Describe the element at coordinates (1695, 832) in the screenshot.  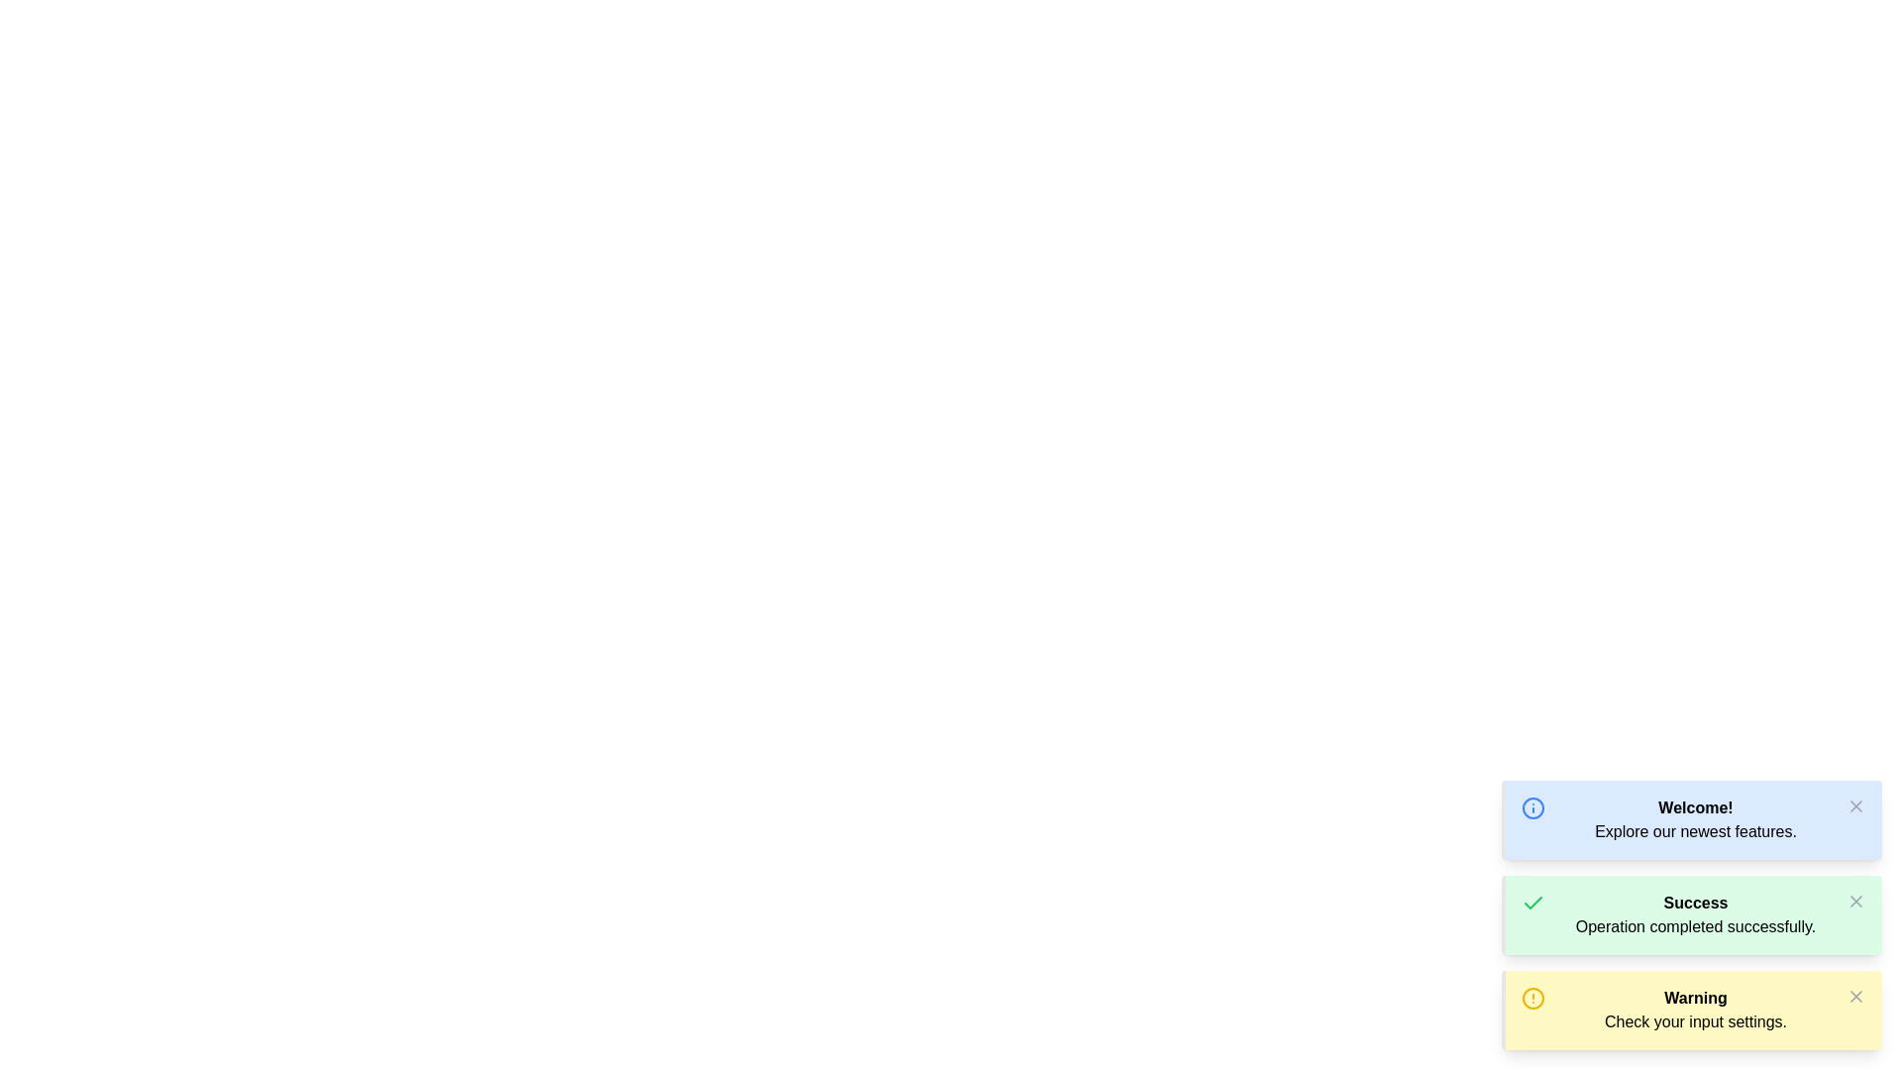
I see `the static text that informs users about new features, positioned below 'Welcome!' and centered horizontally within the top-right corner of the interface` at that location.